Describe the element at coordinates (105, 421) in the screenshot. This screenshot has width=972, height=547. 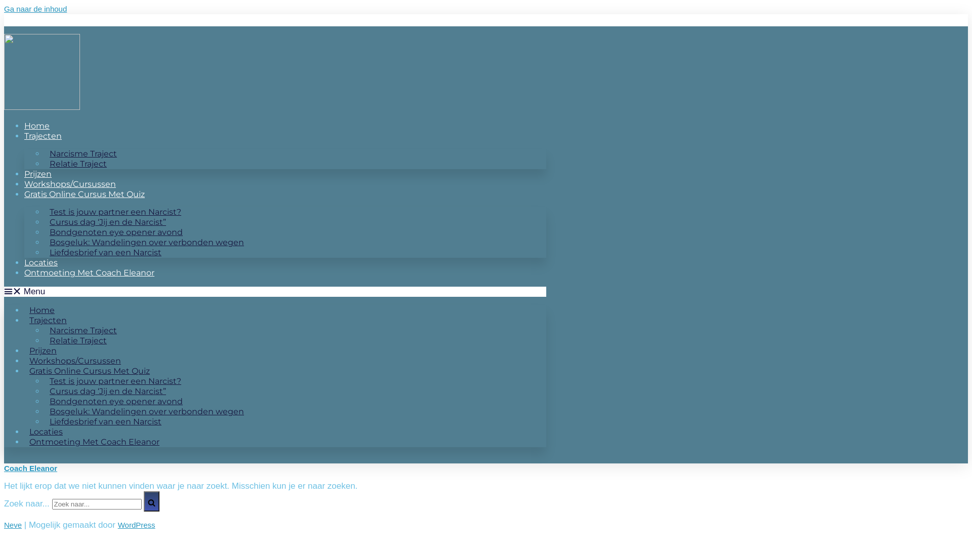
I see `'Liefdesbrief van een Narcist'` at that location.